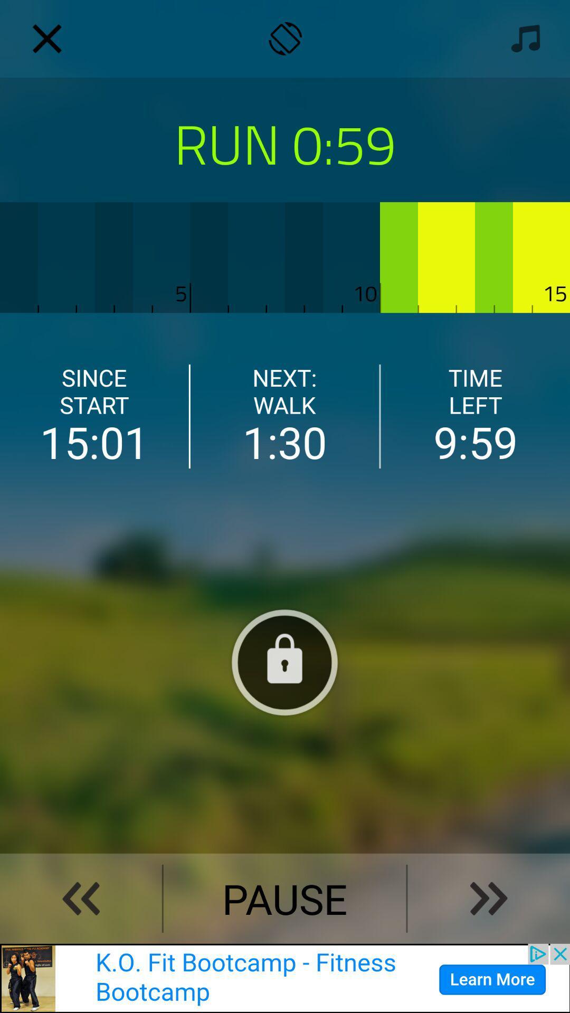  Describe the element at coordinates (522, 39) in the screenshot. I see `music` at that location.